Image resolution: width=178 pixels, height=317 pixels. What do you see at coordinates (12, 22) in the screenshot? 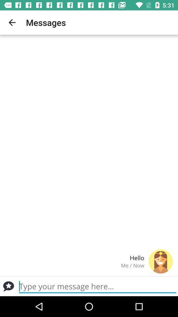
I see `item next to the messages icon` at bounding box center [12, 22].